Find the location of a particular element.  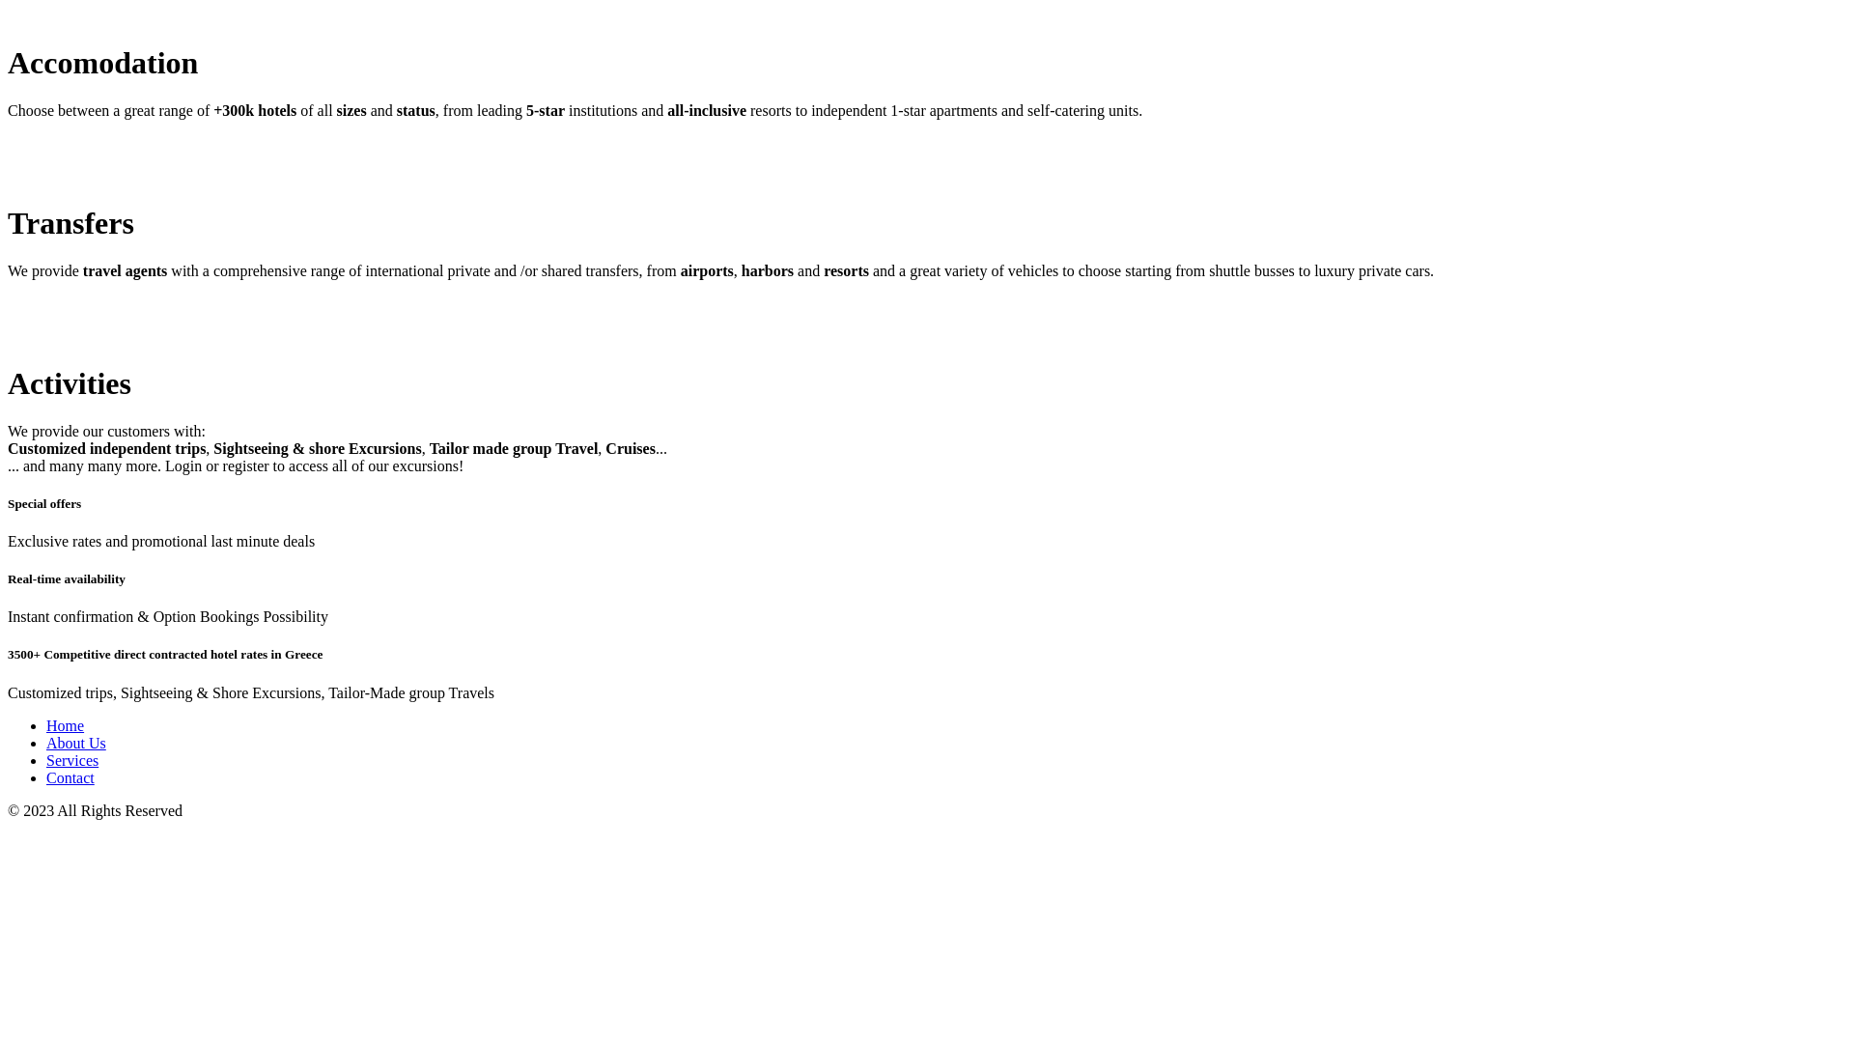

'Home' is located at coordinates (65, 725).